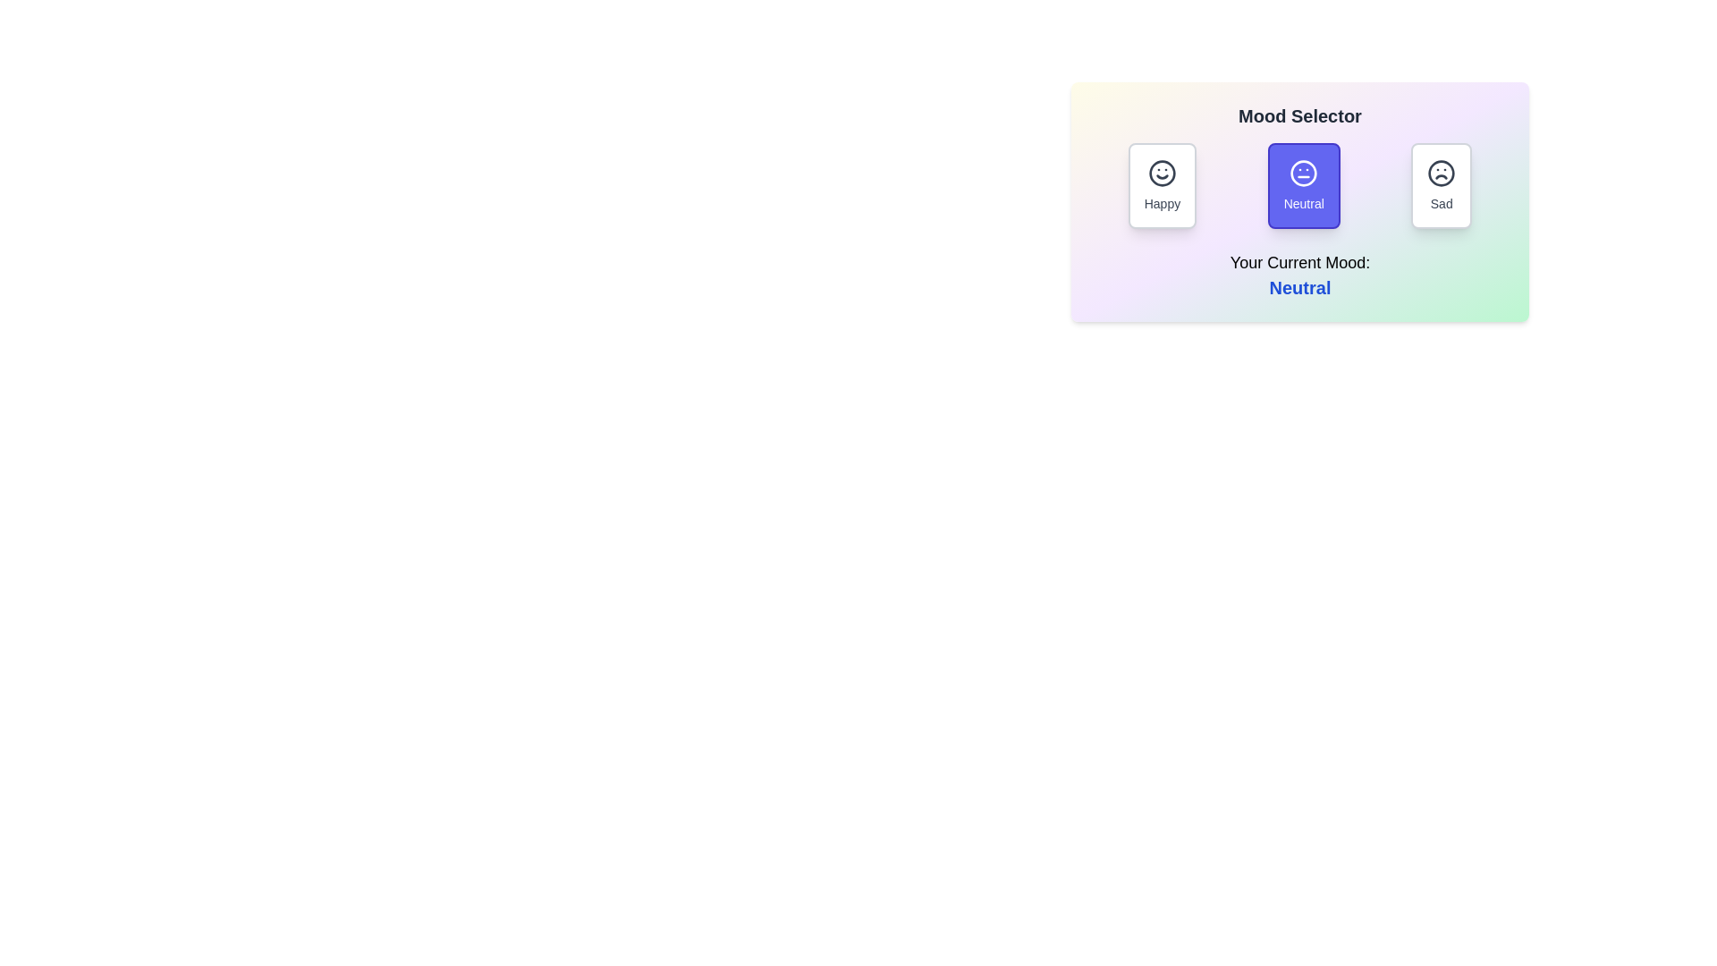 The height and width of the screenshot is (966, 1717). I want to click on the smiley face icon in the 'Happy' section of the mood selector, so click(1163, 173).